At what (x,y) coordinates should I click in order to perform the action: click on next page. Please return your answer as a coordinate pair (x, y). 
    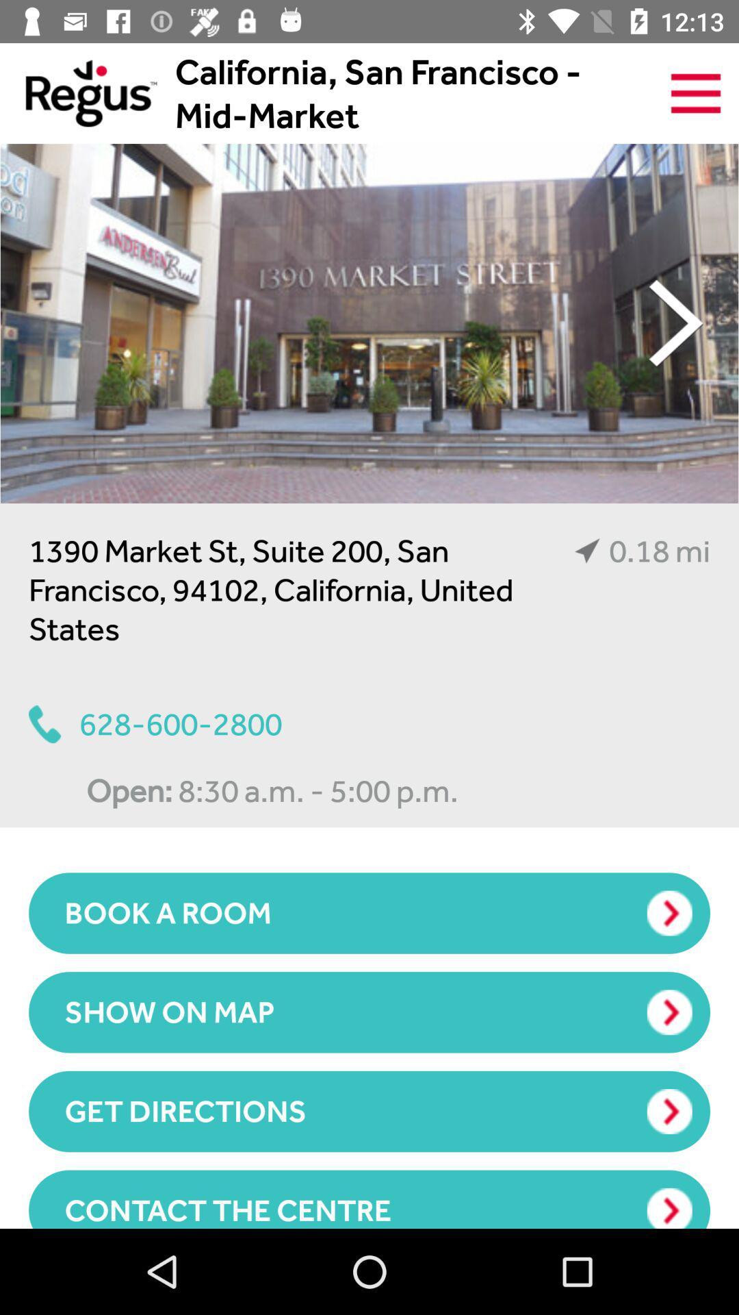
    Looking at the image, I should click on (675, 323).